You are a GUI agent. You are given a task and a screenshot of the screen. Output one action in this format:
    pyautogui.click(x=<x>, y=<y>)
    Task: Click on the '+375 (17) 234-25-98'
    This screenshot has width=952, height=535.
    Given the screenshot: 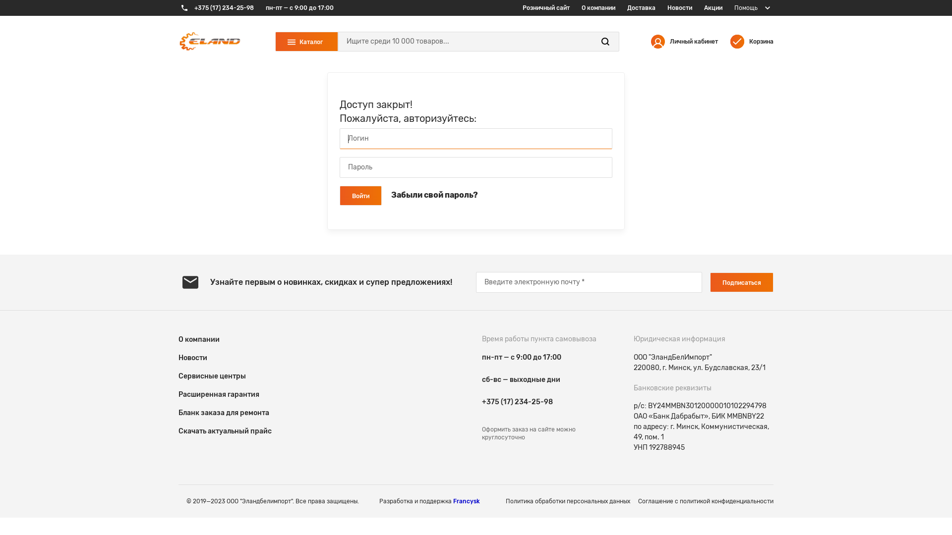 What is the action you would take?
    pyautogui.click(x=216, y=7)
    